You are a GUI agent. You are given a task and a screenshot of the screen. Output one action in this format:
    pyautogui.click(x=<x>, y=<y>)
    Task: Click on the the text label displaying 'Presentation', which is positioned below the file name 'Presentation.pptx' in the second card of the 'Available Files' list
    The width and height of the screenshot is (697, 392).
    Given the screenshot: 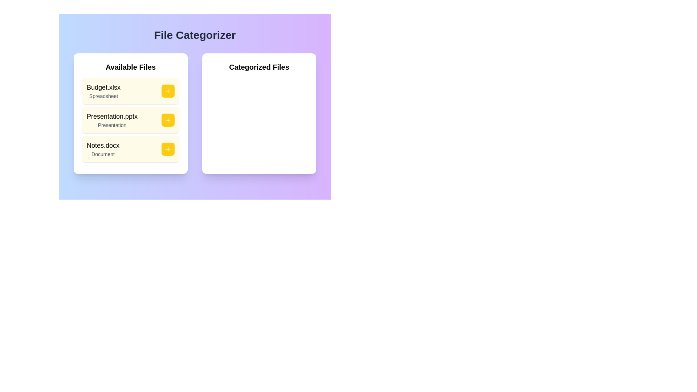 What is the action you would take?
    pyautogui.click(x=112, y=124)
    